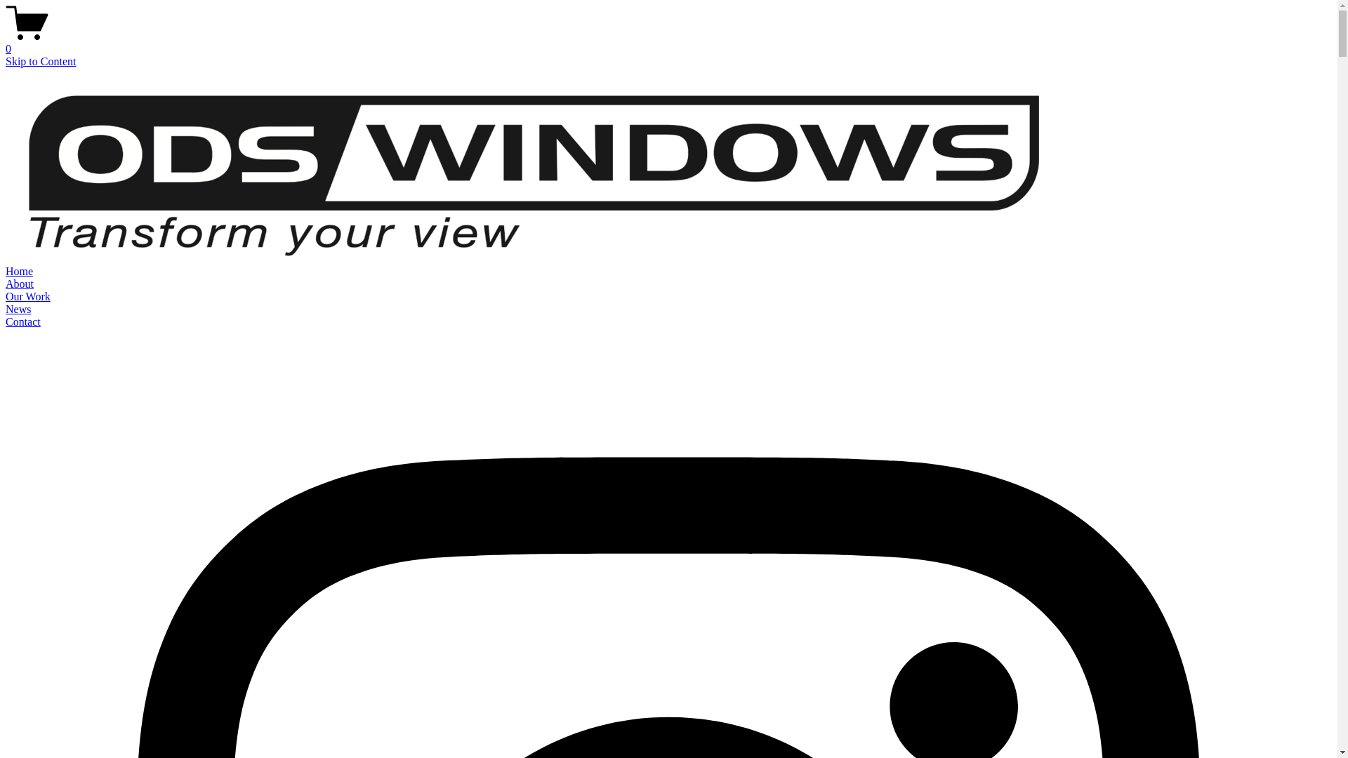 Image resolution: width=1348 pixels, height=758 pixels. I want to click on 'Skip to Content', so click(40, 60).